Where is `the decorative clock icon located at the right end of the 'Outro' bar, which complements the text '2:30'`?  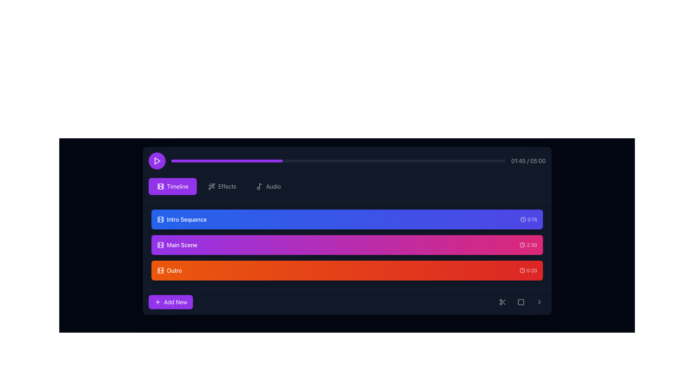
the decorative clock icon located at the right end of the 'Outro' bar, which complements the text '2:30' is located at coordinates (522, 244).